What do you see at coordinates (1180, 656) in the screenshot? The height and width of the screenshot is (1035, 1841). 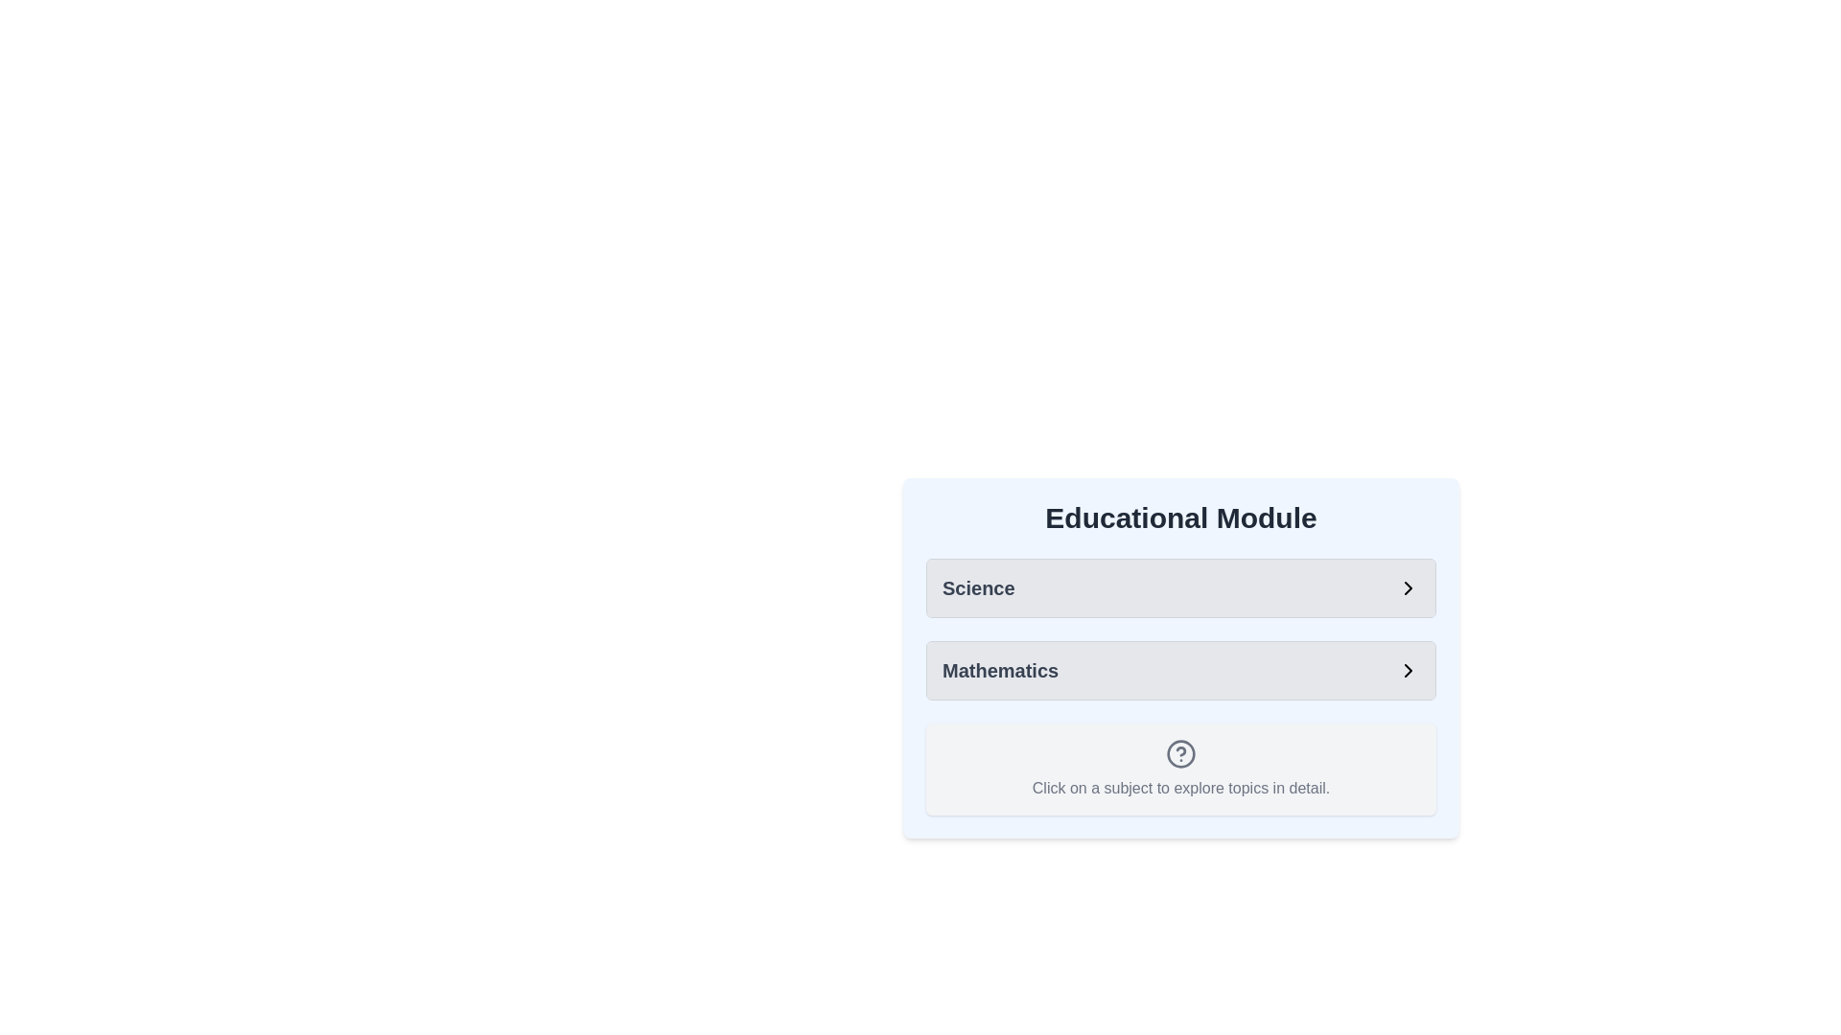 I see `the second rectangular button labeled 'Mathematics' within the 'Educational Module'` at bounding box center [1180, 656].